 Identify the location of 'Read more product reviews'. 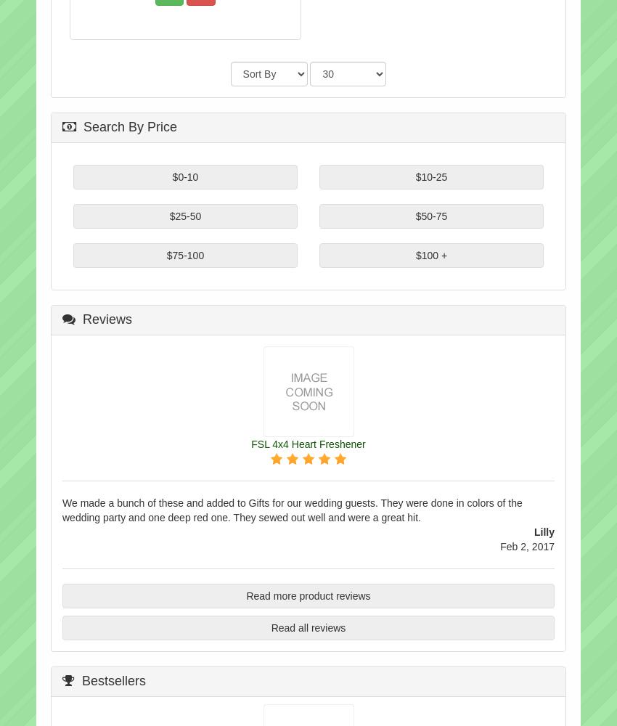
(245, 595).